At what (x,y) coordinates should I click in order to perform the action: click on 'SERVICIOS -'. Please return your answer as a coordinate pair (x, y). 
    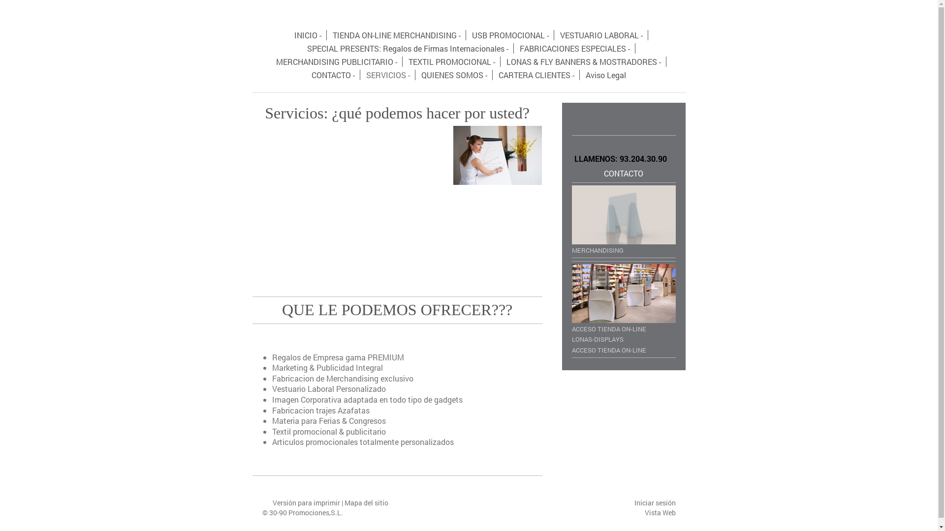
    Looking at the image, I should click on (387, 74).